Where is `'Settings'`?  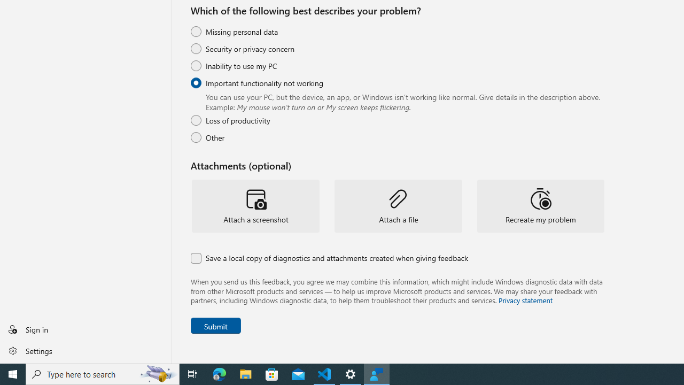 'Settings' is located at coordinates (85, 350).